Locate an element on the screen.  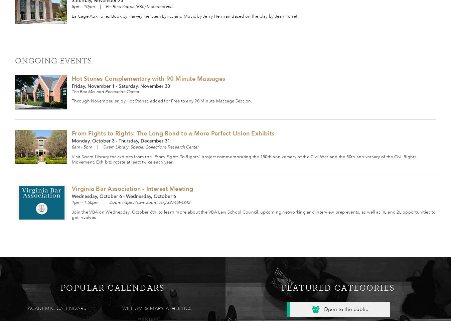
'Monday, October 3 - Thursday, December 31' is located at coordinates (121, 140).